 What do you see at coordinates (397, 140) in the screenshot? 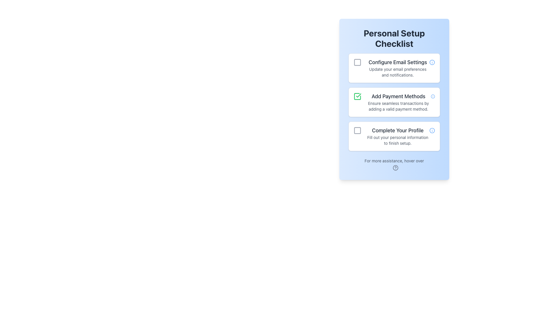
I see `the instructional text located directly below the 'Complete Your Profile' heading in the third checklist item of the 'Personal Setup Checklist' panel` at bounding box center [397, 140].